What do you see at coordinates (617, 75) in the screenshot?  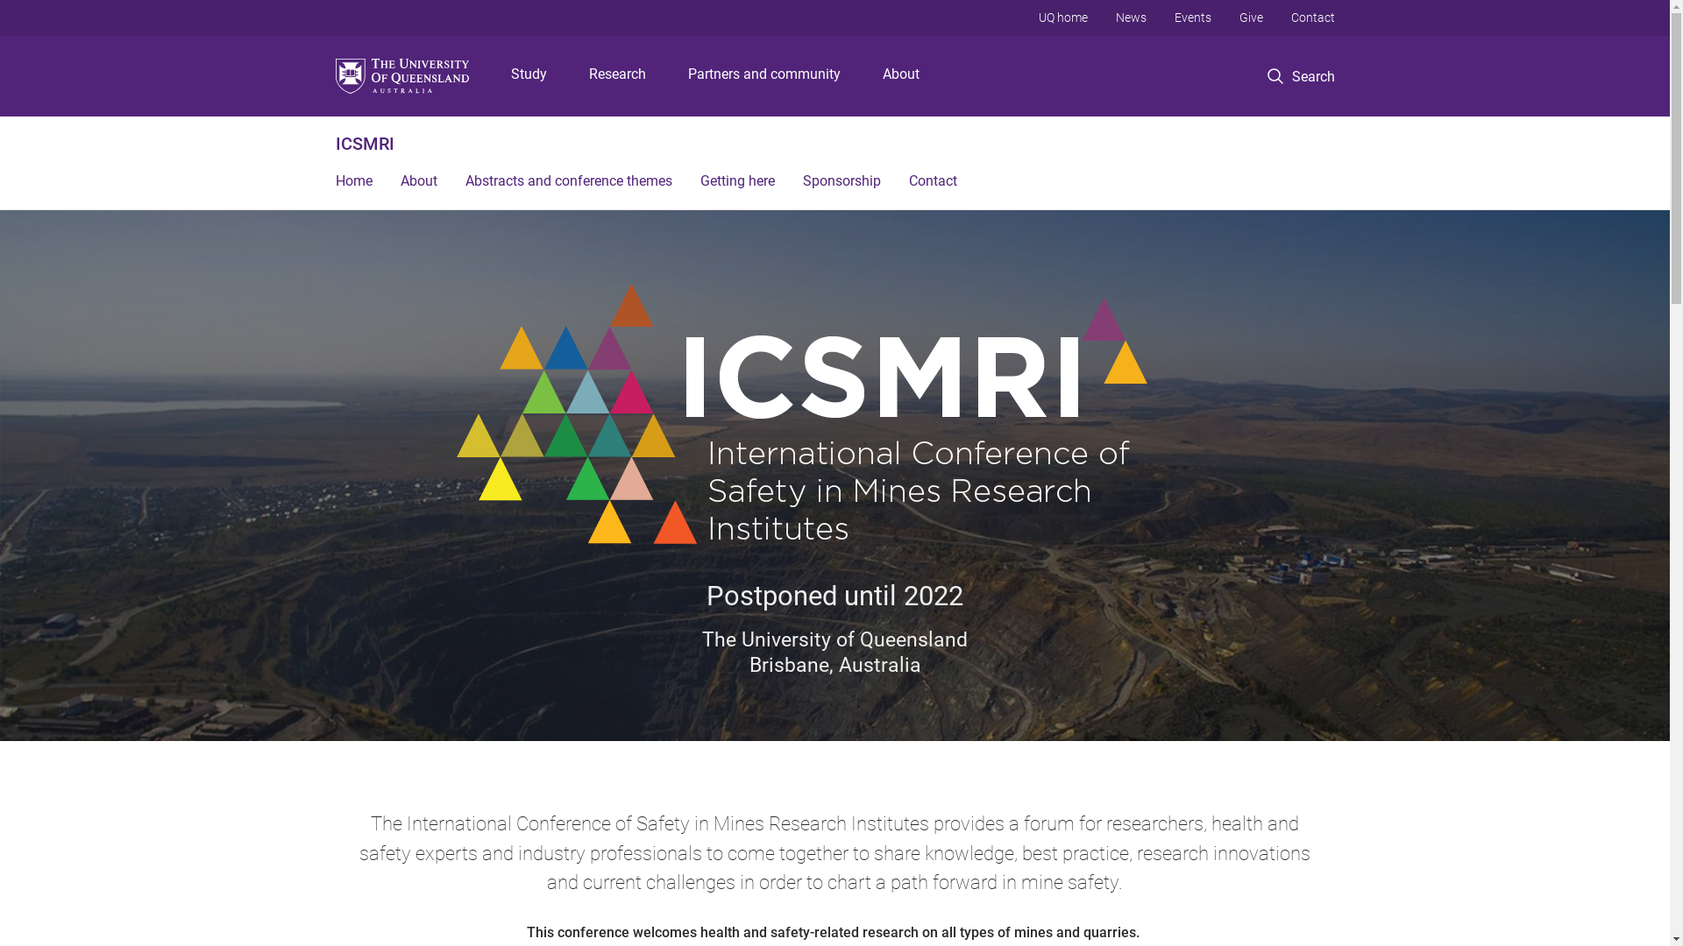 I see `'Research'` at bounding box center [617, 75].